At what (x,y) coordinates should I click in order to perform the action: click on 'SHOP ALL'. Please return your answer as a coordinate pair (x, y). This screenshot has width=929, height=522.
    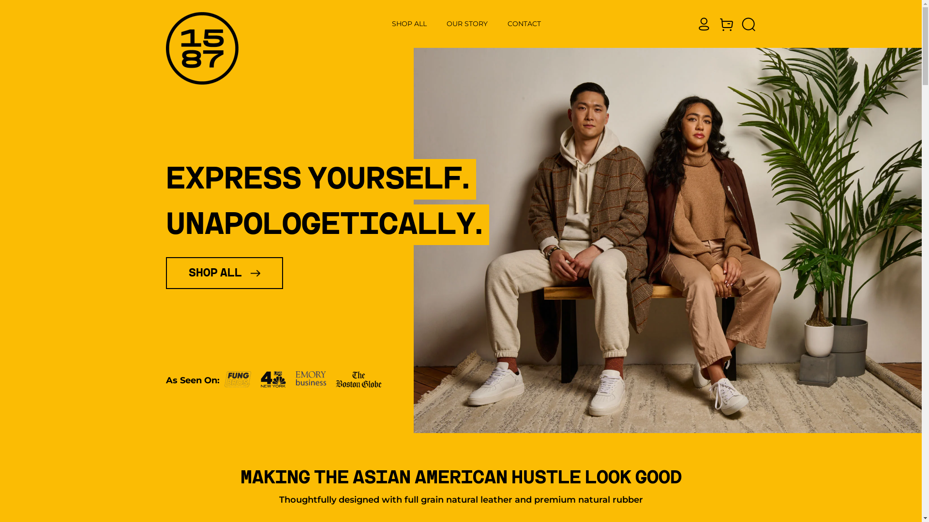
    Looking at the image, I should click on (223, 273).